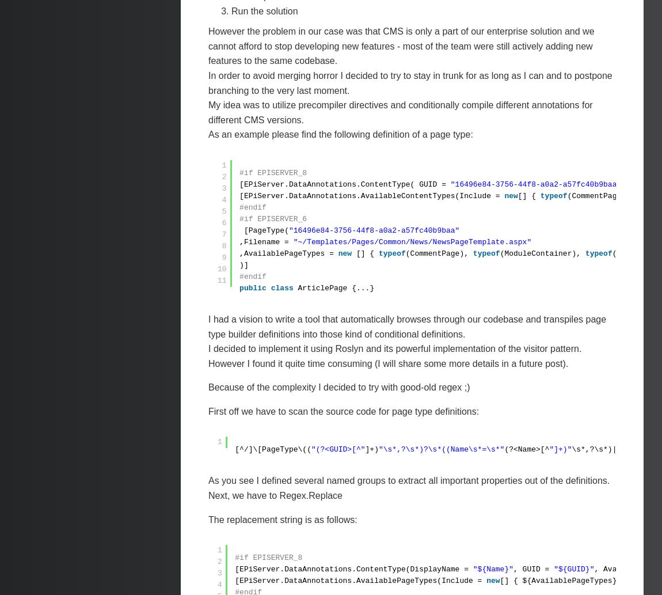 Image resolution: width=662 pixels, height=595 pixels. Describe the element at coordinates (265, 230) in the screenshot. I see `'[PageType('` at that location.